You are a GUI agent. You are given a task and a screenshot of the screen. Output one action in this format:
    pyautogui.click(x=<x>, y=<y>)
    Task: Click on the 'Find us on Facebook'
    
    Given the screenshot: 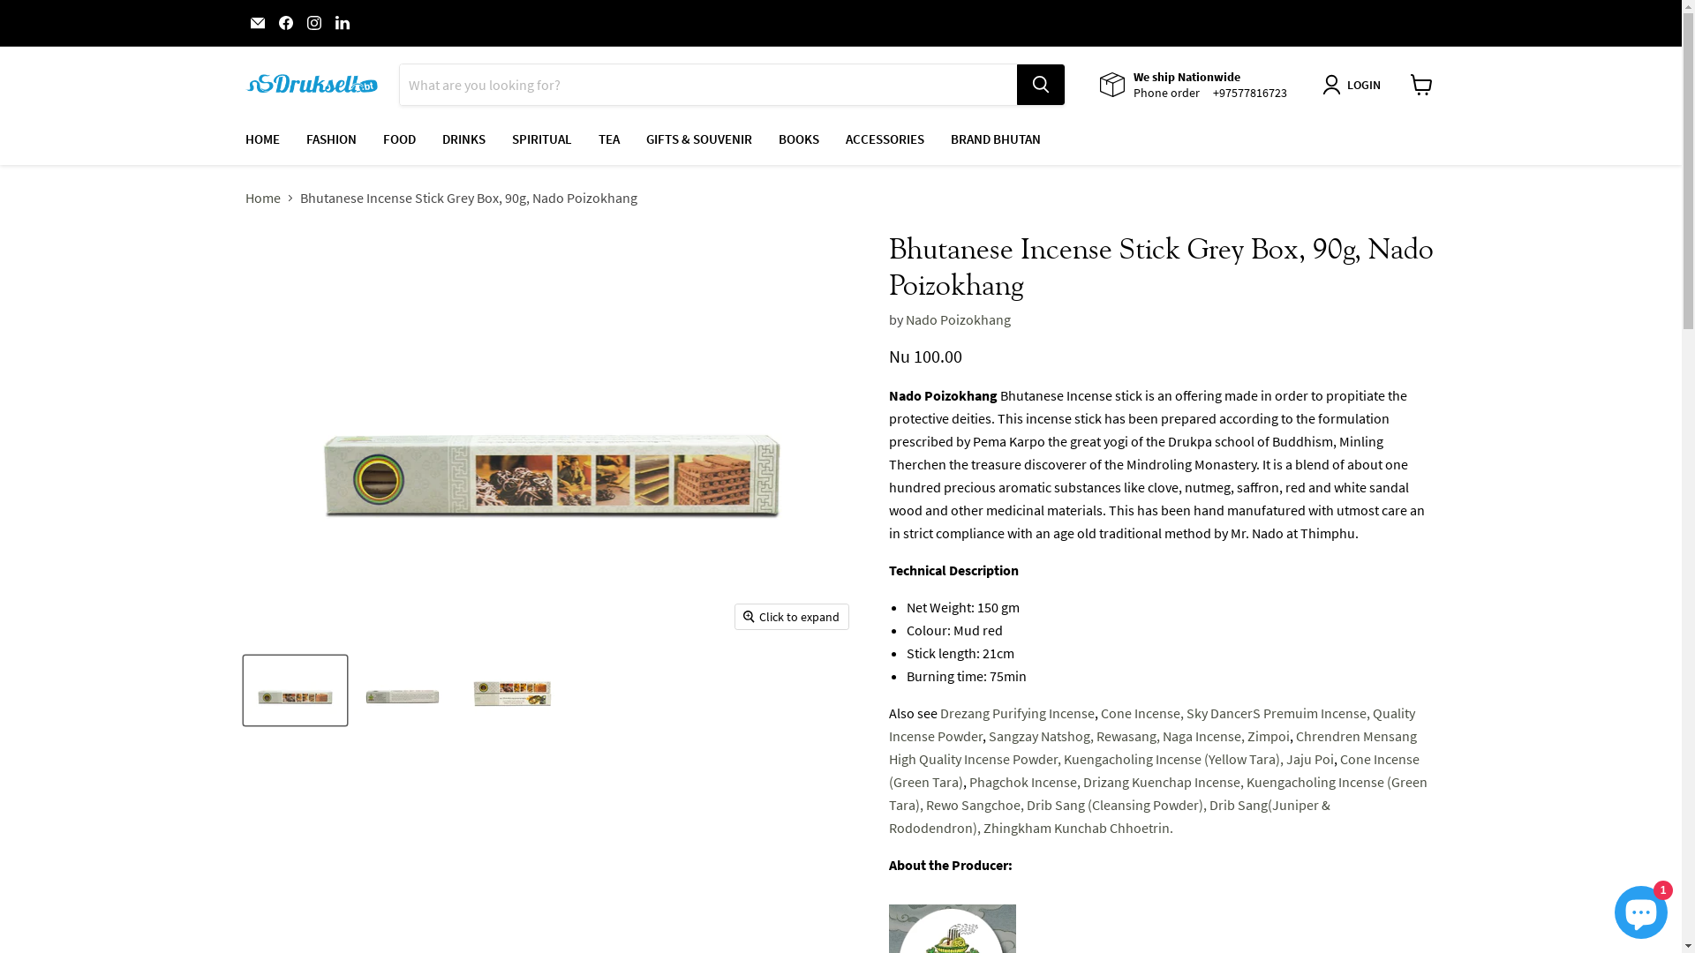 What is the action you would take?
    pyautogui.click(x=273, y=23)
    